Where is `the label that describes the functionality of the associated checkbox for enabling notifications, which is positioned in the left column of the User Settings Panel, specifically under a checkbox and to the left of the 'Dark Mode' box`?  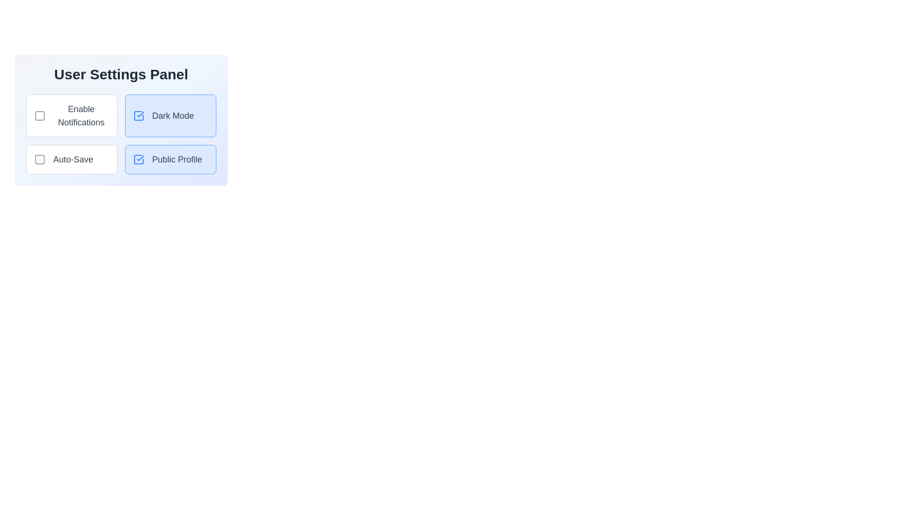
the label that describes the functionality of the associated checkbox for enabling notifications, which is positioned in the left column of the User Settings Panel, specifically under a checkbox and to the left of the 'Dark Mode' box is located at coordinates (81, 115).